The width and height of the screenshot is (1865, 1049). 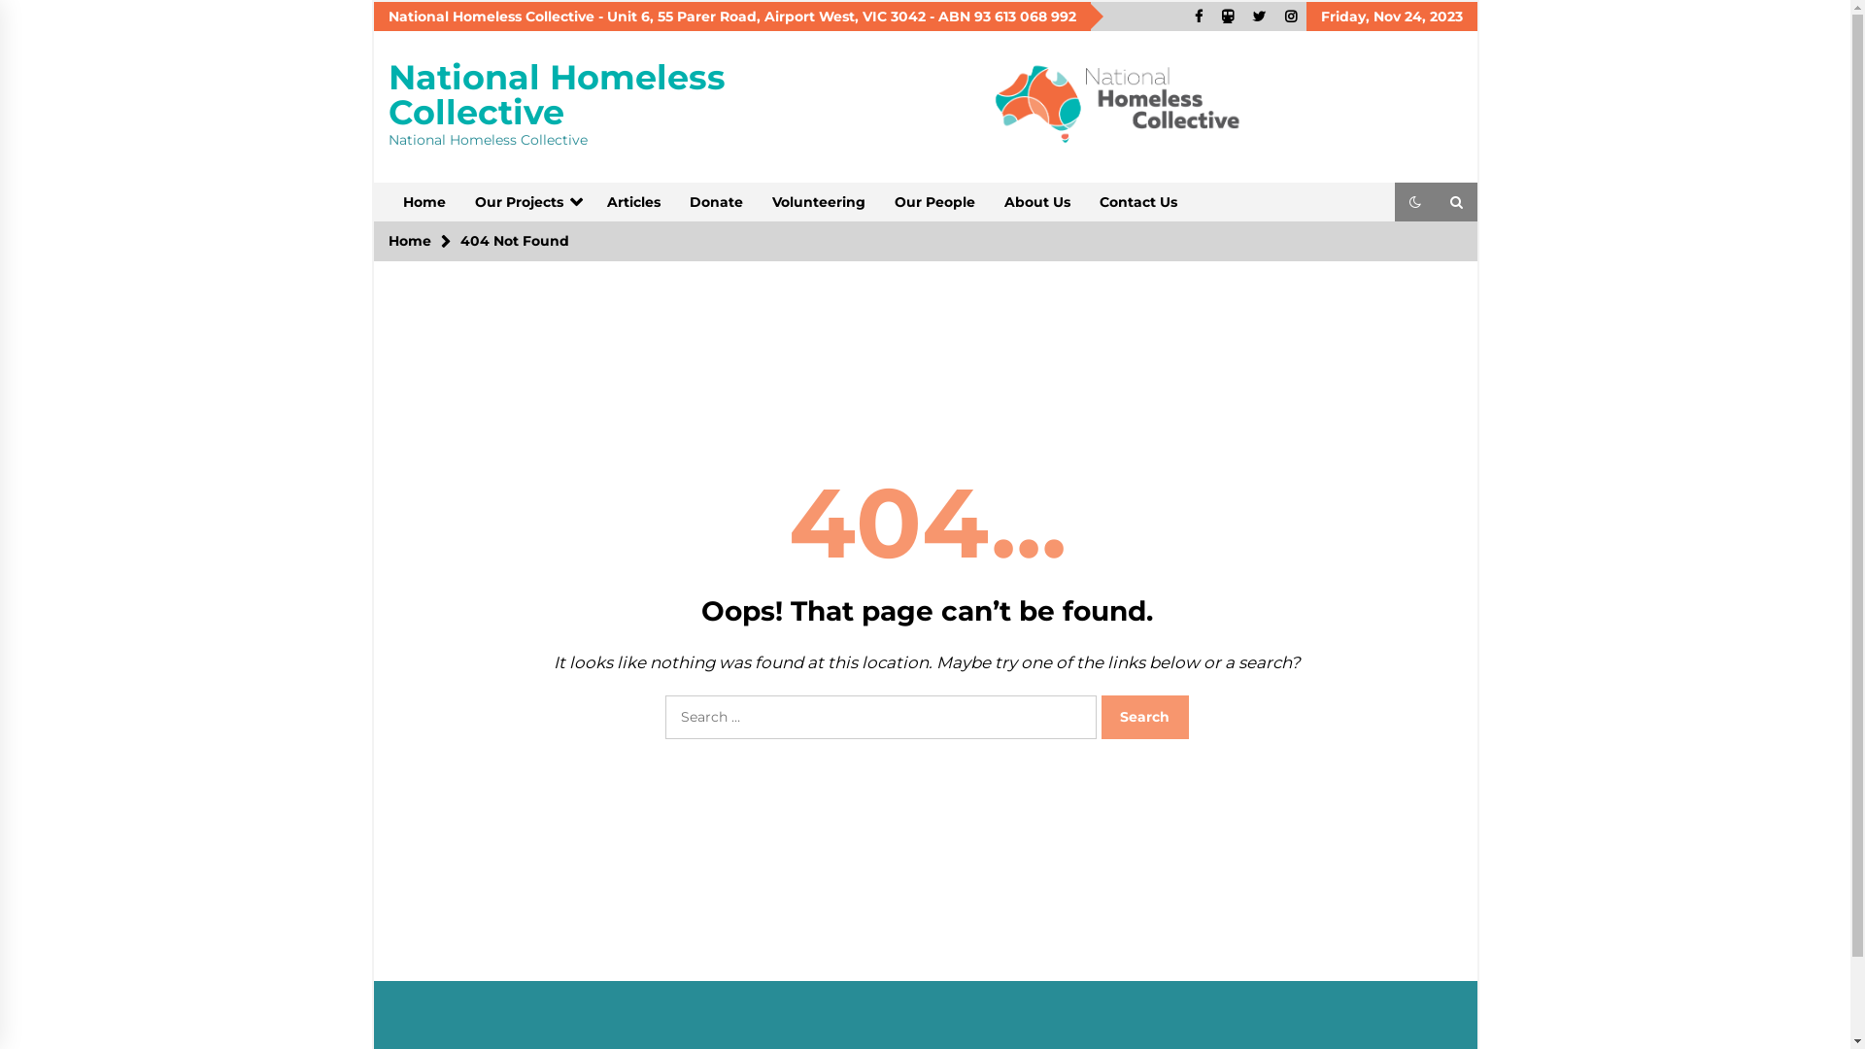 What do you see at coordinates (409, 239) in the screenshot?
I see `'Home'` at bounding box center [409, 239].